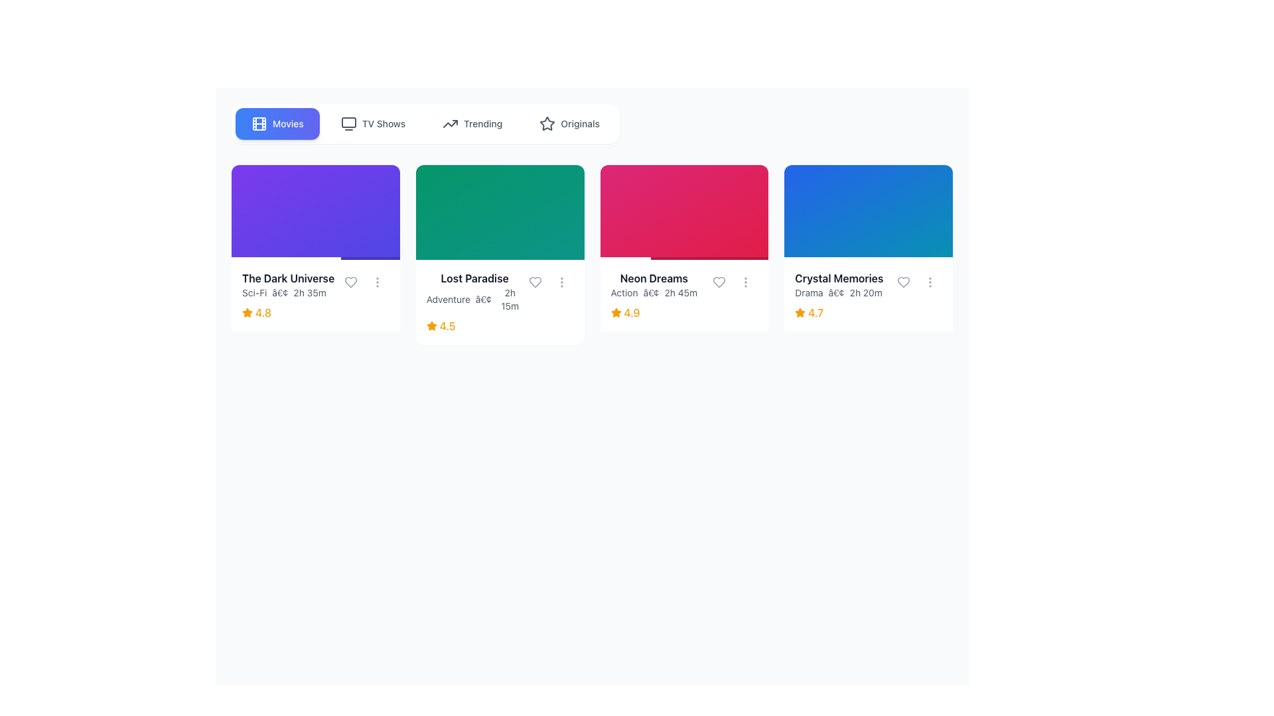  What do you see at coordinates (348, 123) in the screenshot?
I see `the television icon in the navigation bar to emphasize it` at bounding box center [348, 123].